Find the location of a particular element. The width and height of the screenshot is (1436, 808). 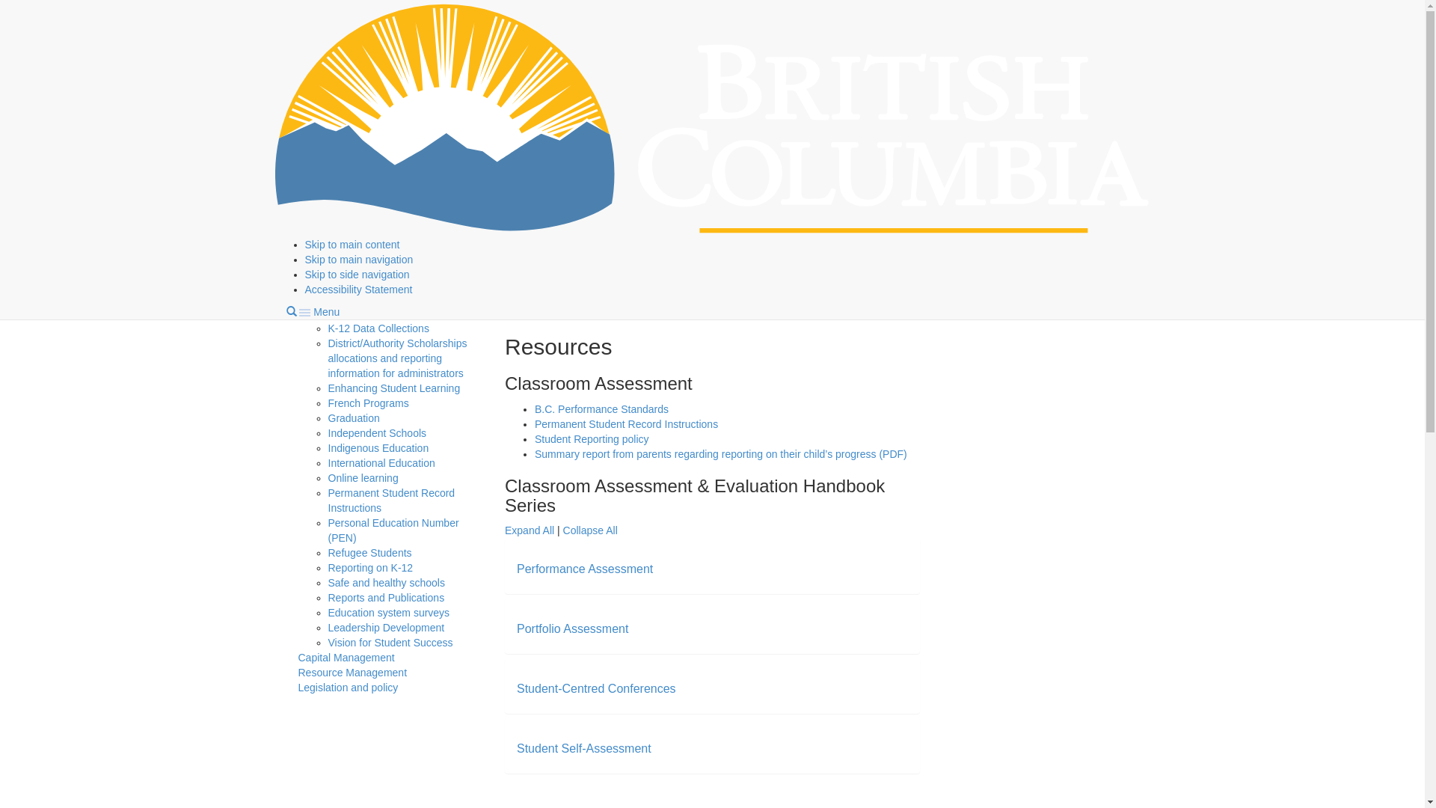

'Reports and Publications' is located at coordinates (385, 596).